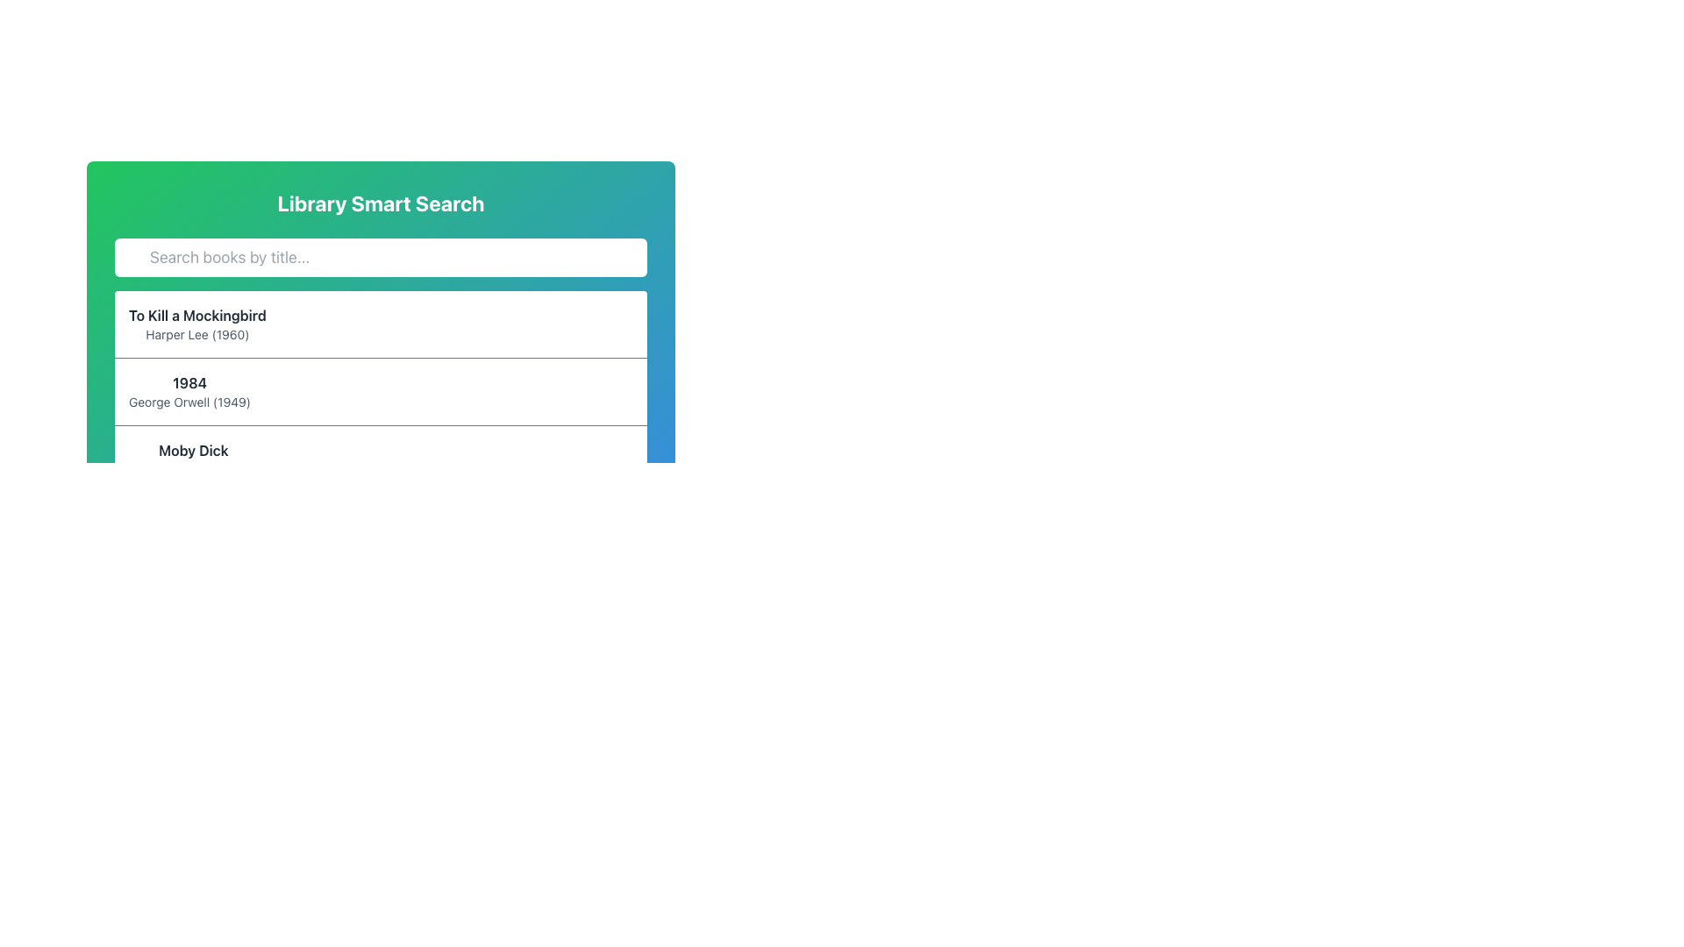  Describe the element at coordinates (189, 402) in the screenshot. I see `text label displaying 'George Orwell (1949)' located below the title '1984'` at that location.